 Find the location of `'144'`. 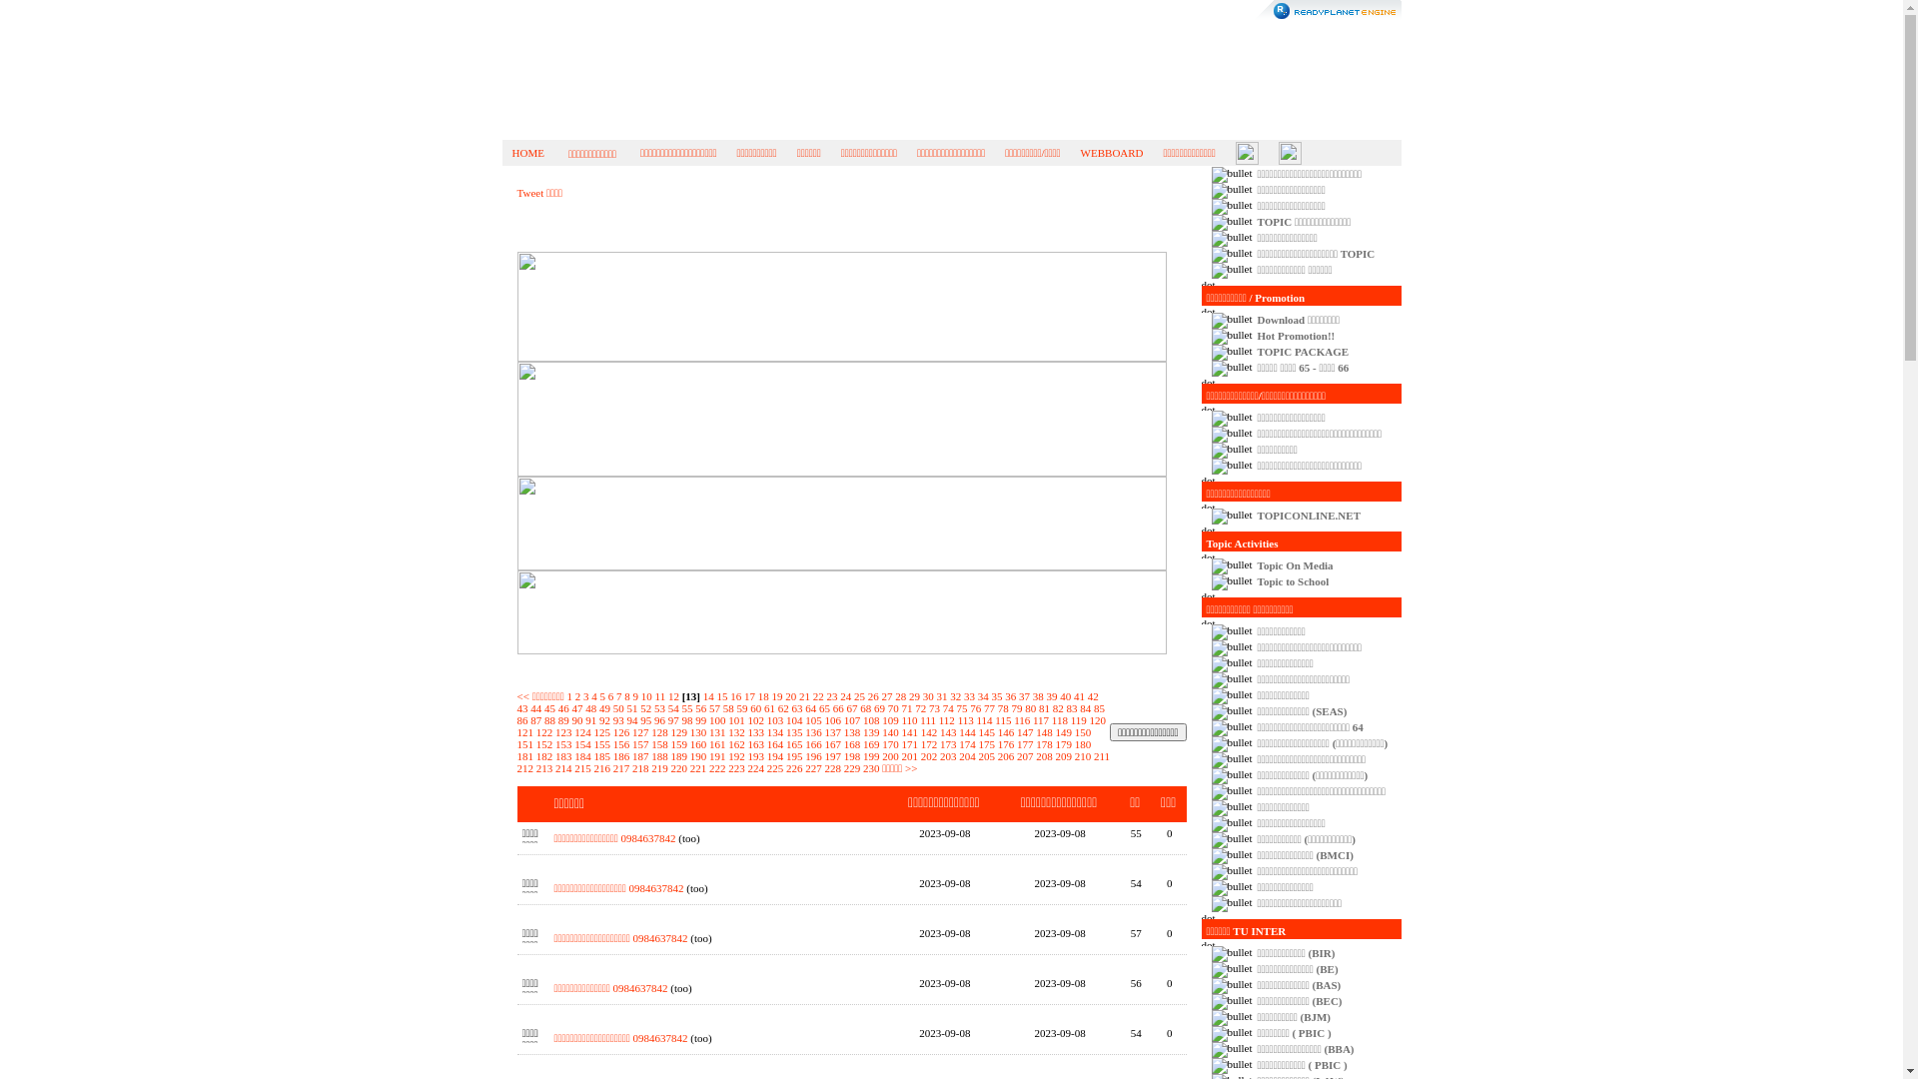

'144' is located at coordinates (967, 731).